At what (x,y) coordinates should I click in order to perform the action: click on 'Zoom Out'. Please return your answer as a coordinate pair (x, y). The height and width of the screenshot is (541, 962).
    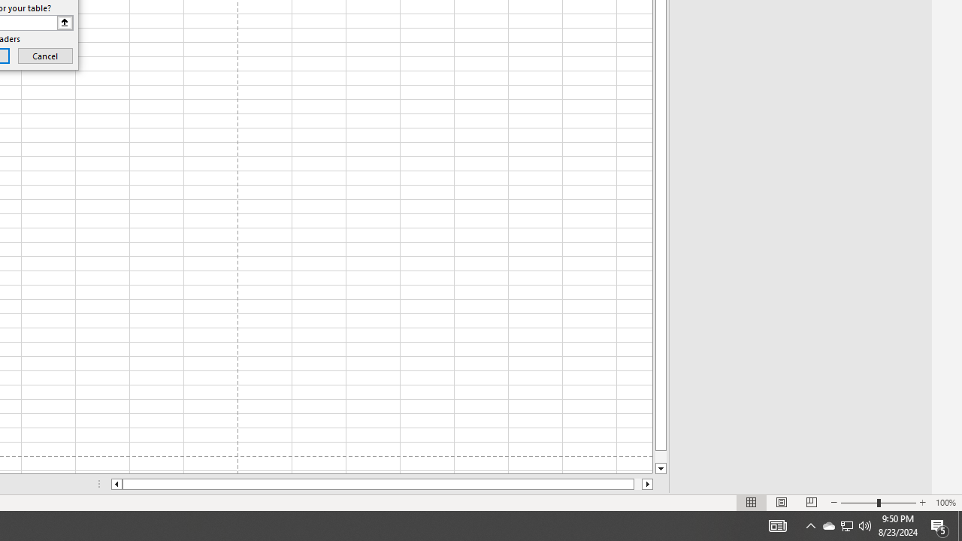
    Looking at the image, I should click on (859, 503).